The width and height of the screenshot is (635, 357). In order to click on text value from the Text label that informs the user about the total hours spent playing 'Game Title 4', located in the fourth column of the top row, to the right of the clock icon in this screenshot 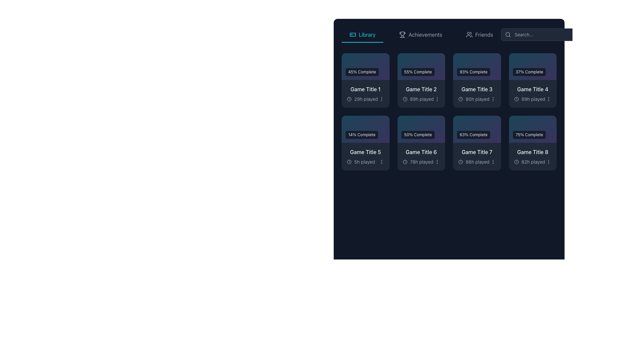, I will do `click(533, 99)`.